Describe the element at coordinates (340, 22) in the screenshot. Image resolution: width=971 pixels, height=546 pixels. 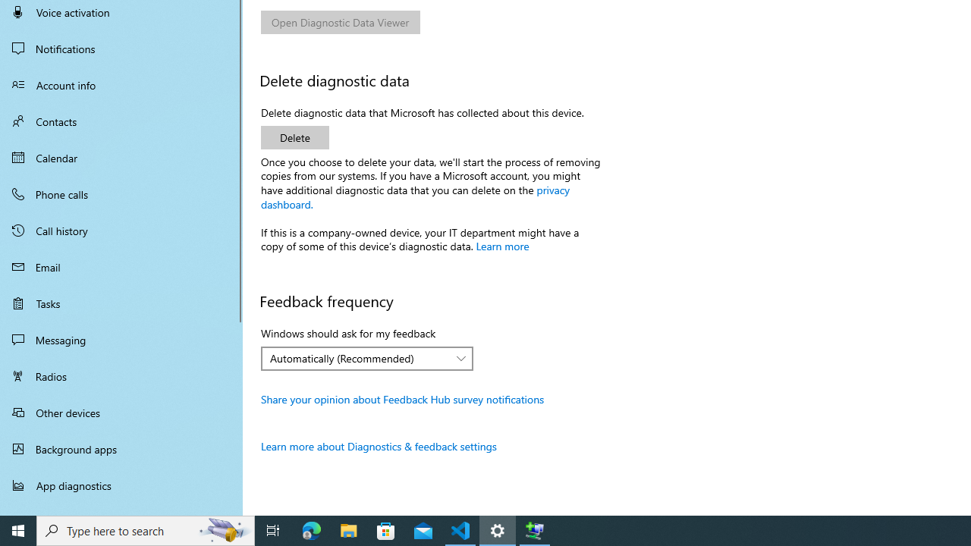
I see `'Open Diagnostic Data Viewer'` at that location.